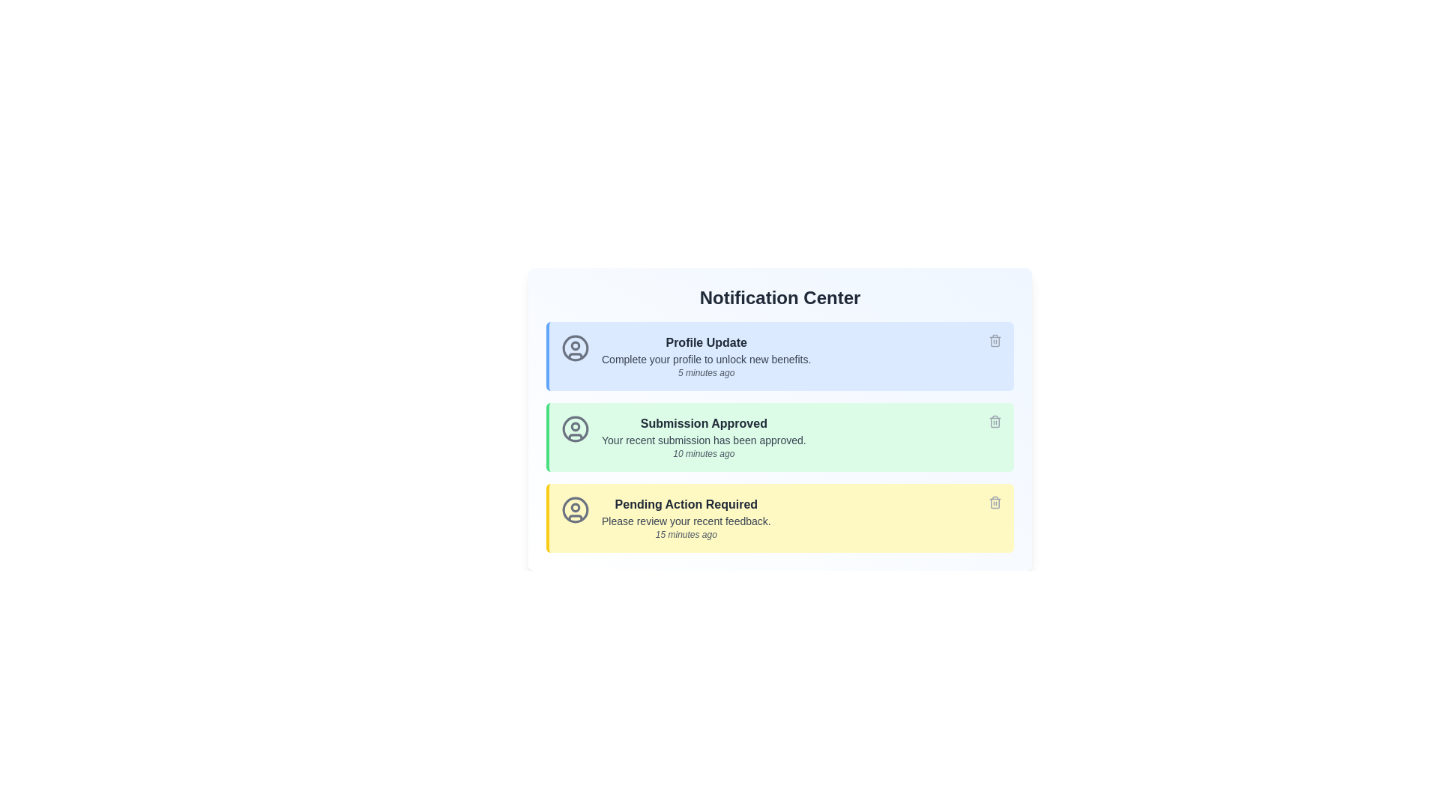 This screenshot has width=1439, height=809. I want to click on the first notification card in the Notification Center, which has a light blue background, a title 'Profile Update', a message 'Complete your profile to unlock new benefits.', and a timestamp '5 minutes ago', so click(779, 356).